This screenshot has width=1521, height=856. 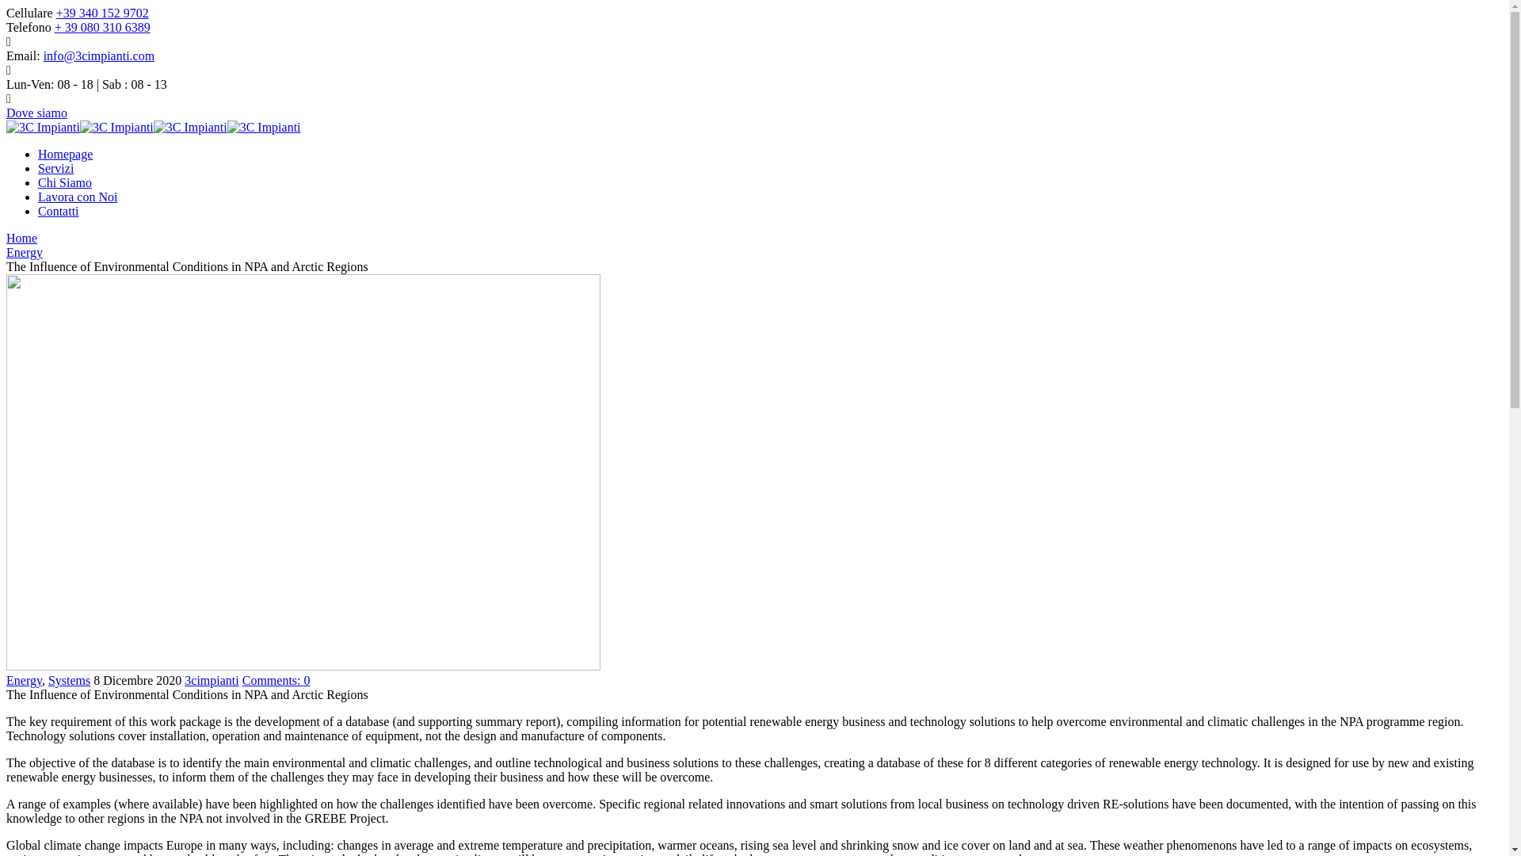 What do you see at coordinates (63, 182) in the screenshot?
I see `'Chi Siamo'` at bounding box center [63, 182].